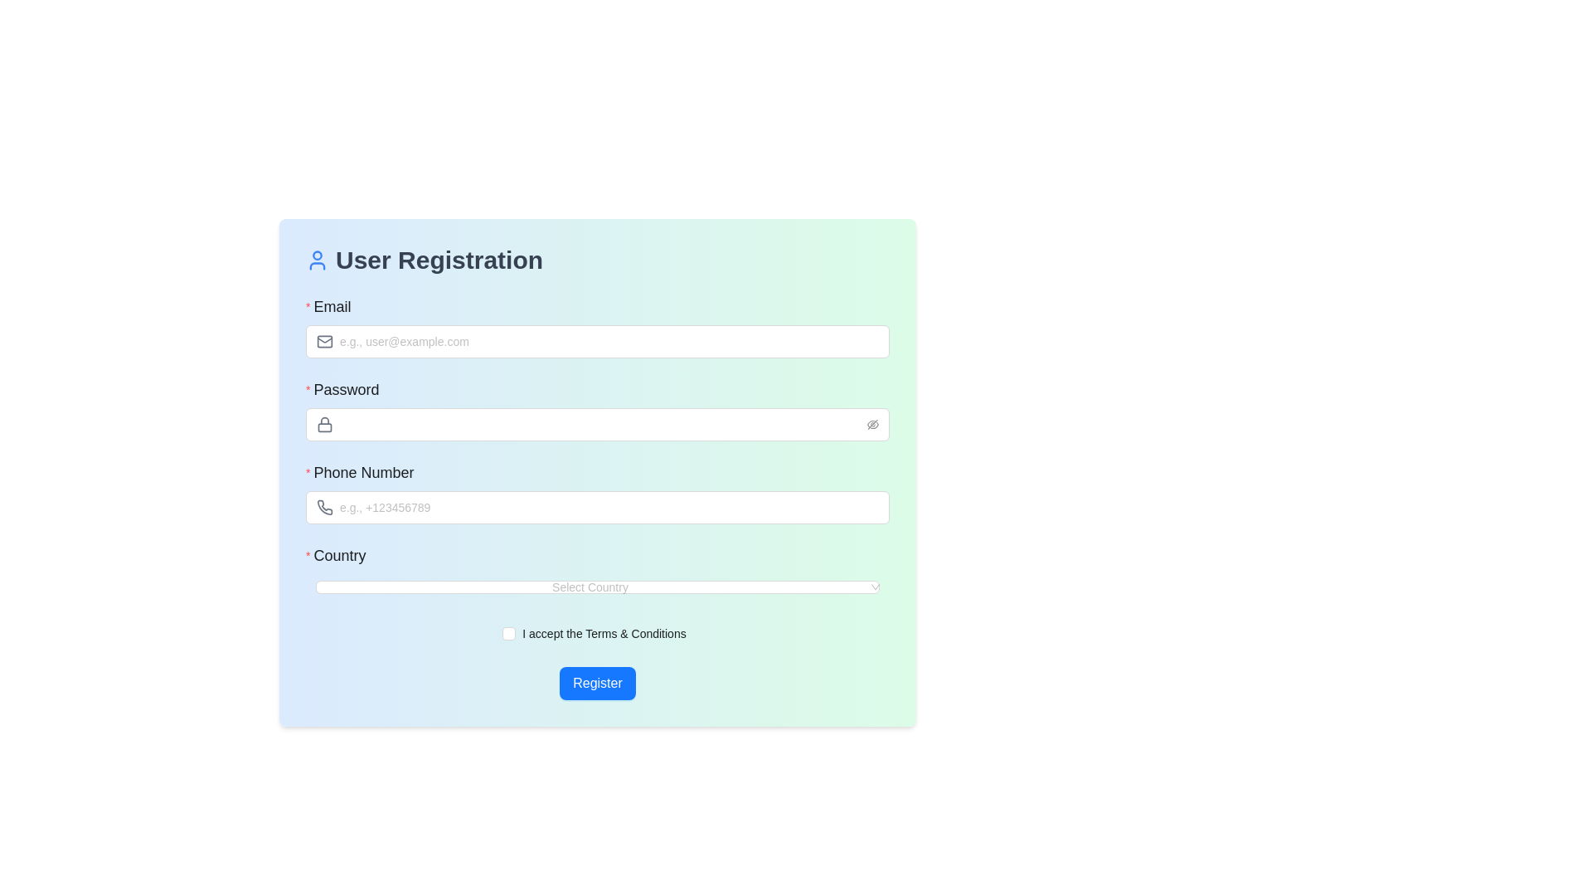 The height and width of the screenshot is (896, 1592). Describe the element at coordinates (604, 633) in the screenshot. I see `the 'Terms & Conditions' hyperlink in the bottom section of the registration form, which is aligned with a checkbox to its left and above the 'Register' button` at that location.